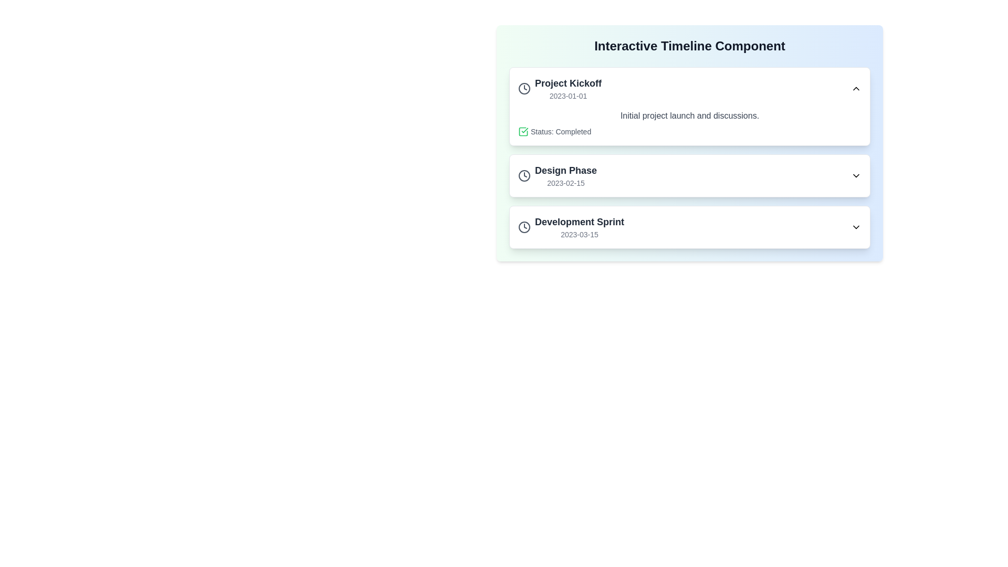 The image size is (1008, 567). I want to click on the decorative SVG circle that forms the outer boundary of the clock icon, located next to the 'Design Phase' event on the timeline, so click(524, 175).